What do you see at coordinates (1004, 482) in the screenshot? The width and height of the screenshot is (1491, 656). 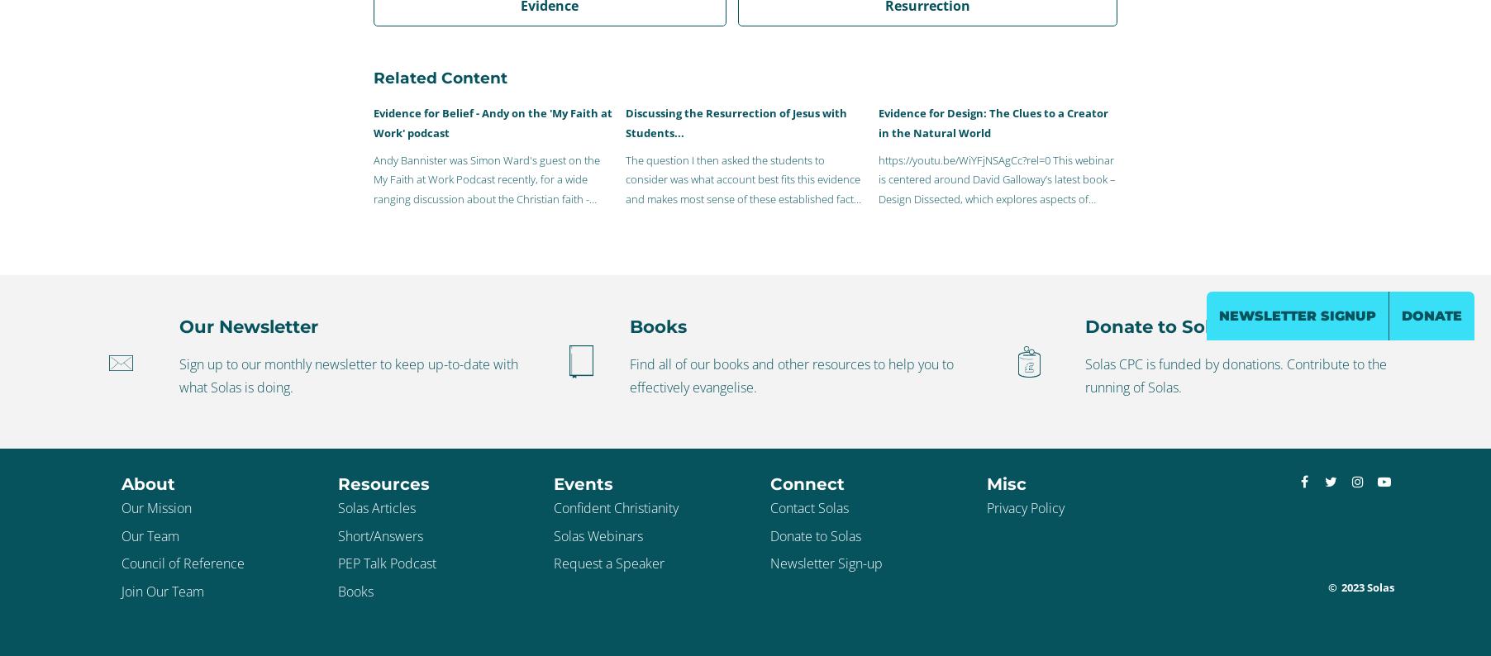 I see `'Misc'` at bounding box center [1004, 482].